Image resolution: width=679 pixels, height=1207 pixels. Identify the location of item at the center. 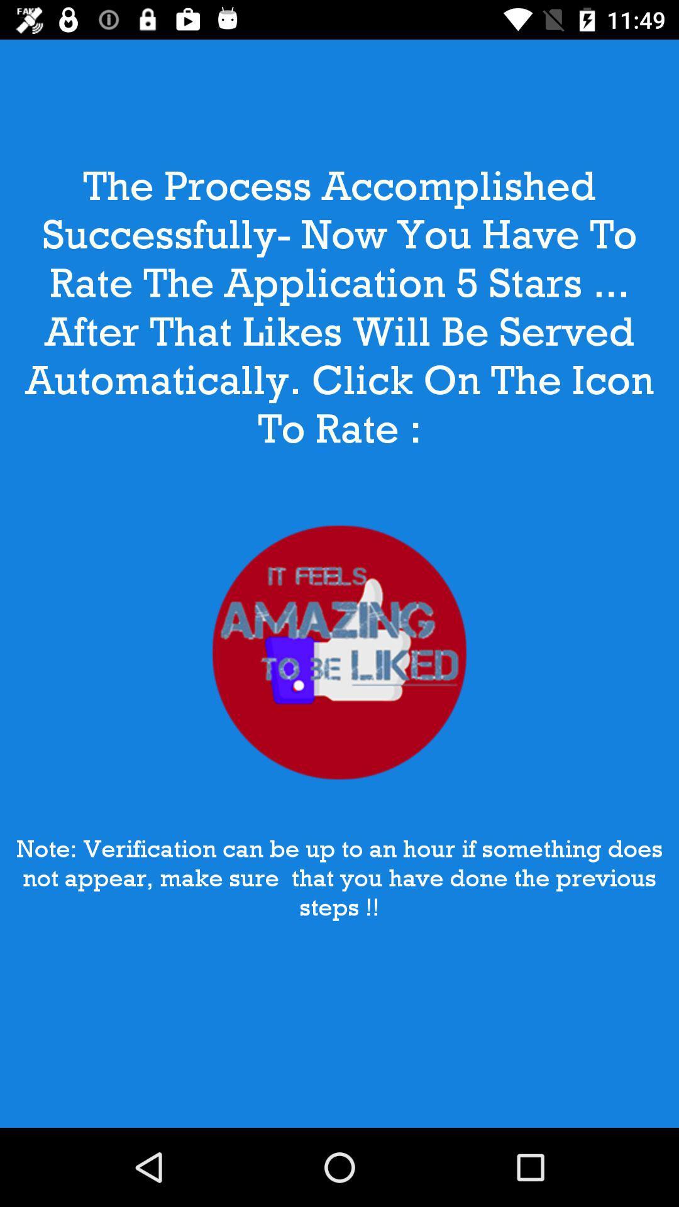
(339, 653).